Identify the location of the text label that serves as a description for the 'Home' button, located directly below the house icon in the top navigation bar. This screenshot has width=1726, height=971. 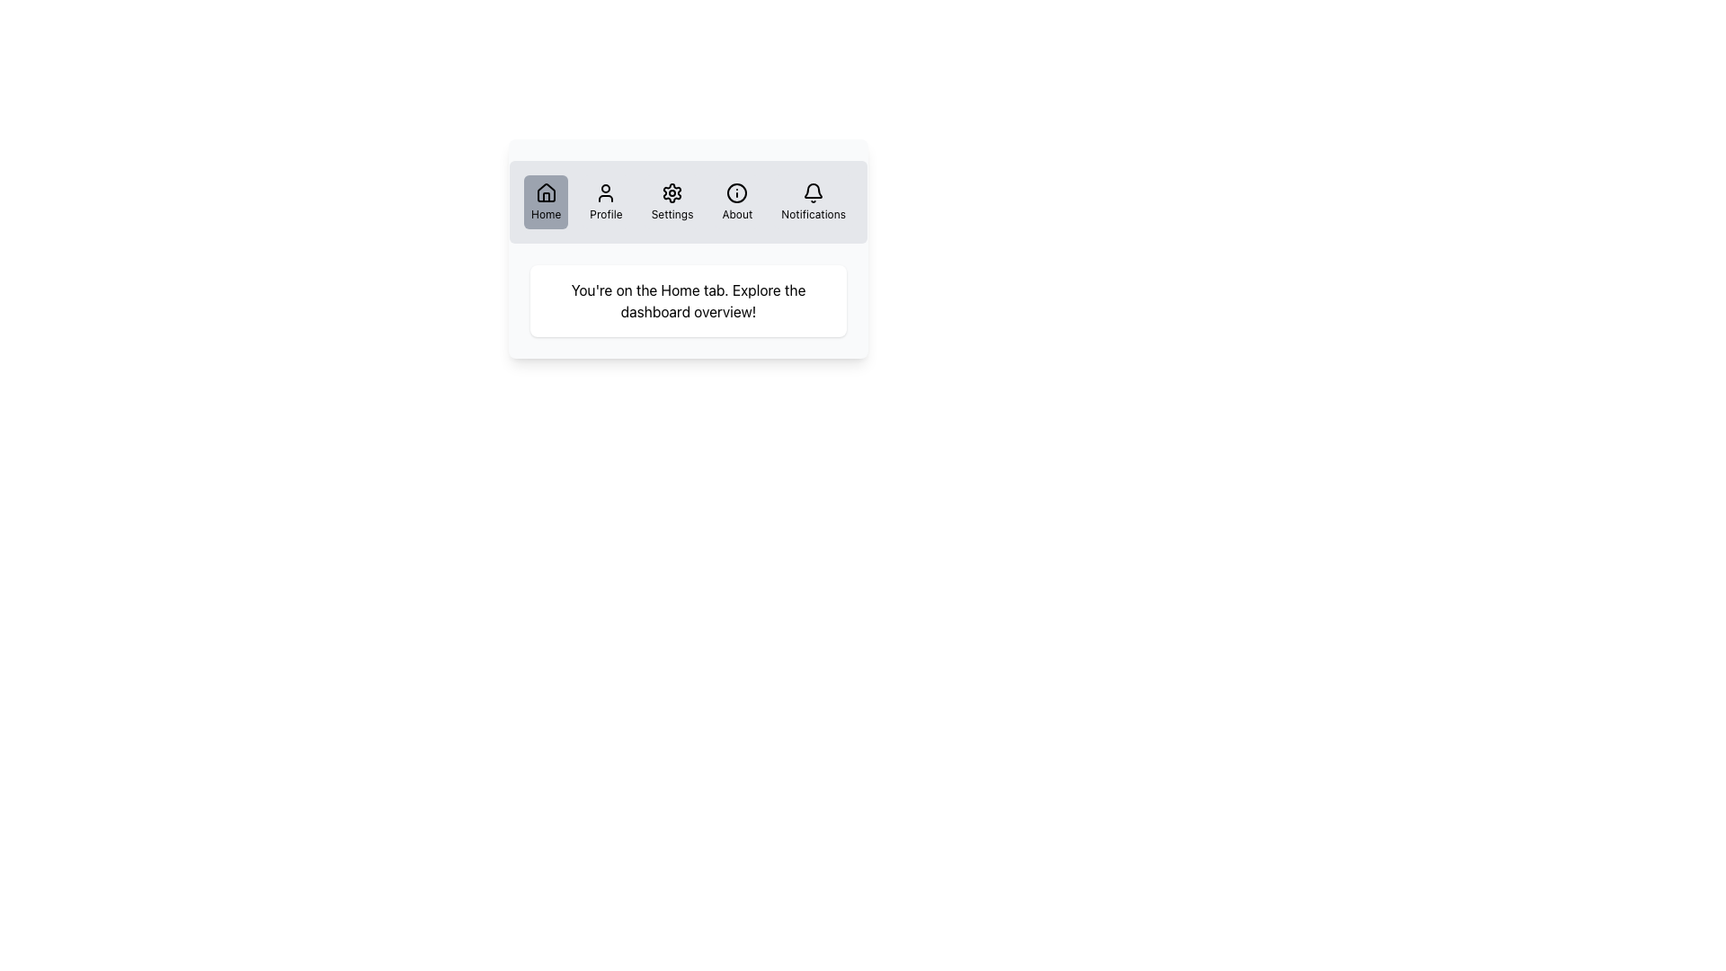
(545, 214).